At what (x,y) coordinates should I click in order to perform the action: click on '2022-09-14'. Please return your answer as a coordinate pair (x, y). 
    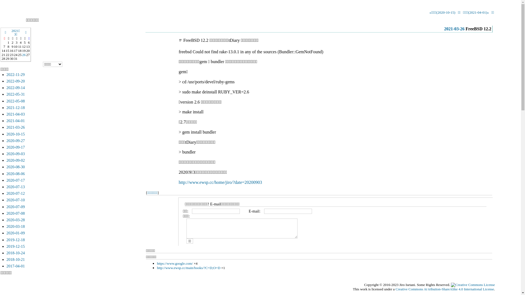
    Looking at the image, I should click on (7, 87).